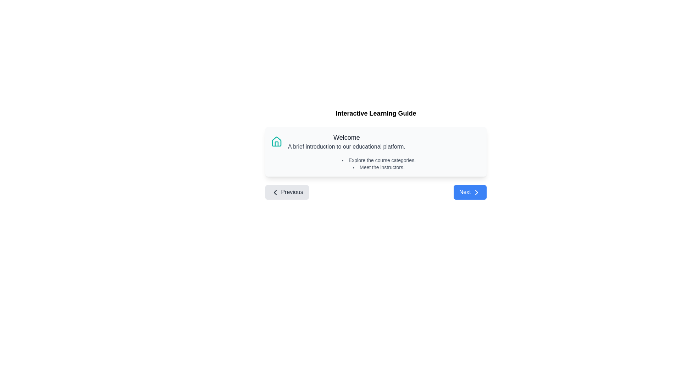  Describe the element at coordinates (347, 142) in the screenshot. I see `text content of the centrally located text block with a header and subtext on the educational platform, which provides an introduction or greeting` at that location.